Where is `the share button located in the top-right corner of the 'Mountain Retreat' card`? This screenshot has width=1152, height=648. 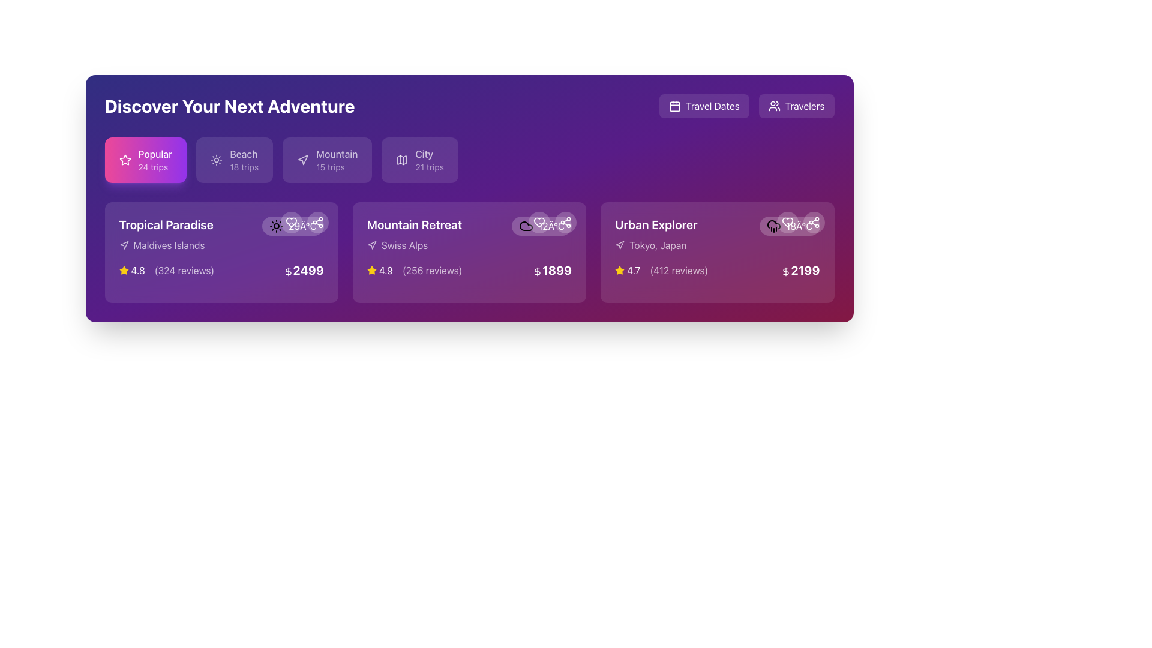
the share button located in the top-right corner of the 'Mountain Retreat' card is located at coordinates (565, 222).